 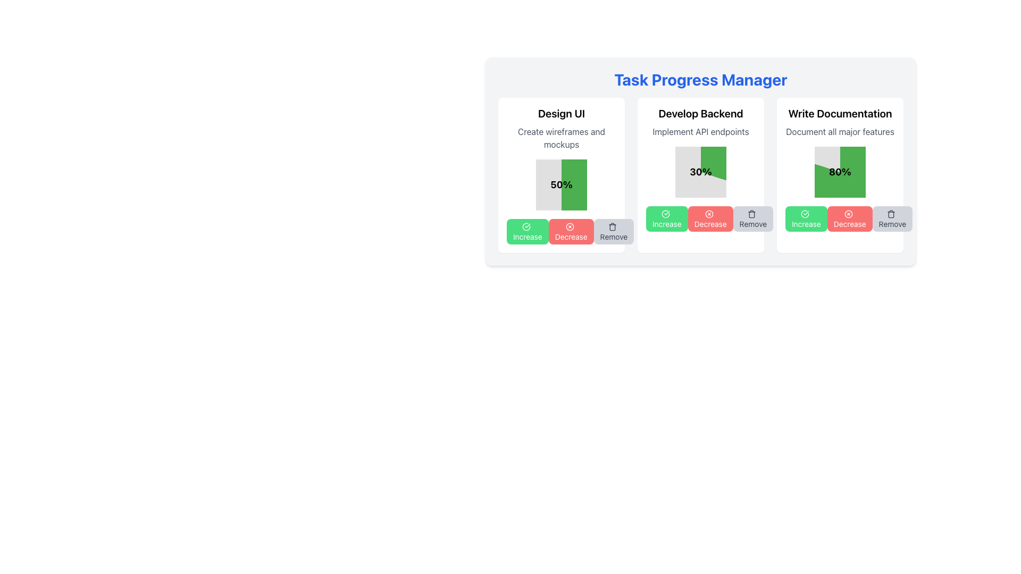 I want to click on the 'Remove' button with a light gray background and rounded edges, which features a trash icon, located under the 'Develop Backend' section, so click(x=752, y=218).